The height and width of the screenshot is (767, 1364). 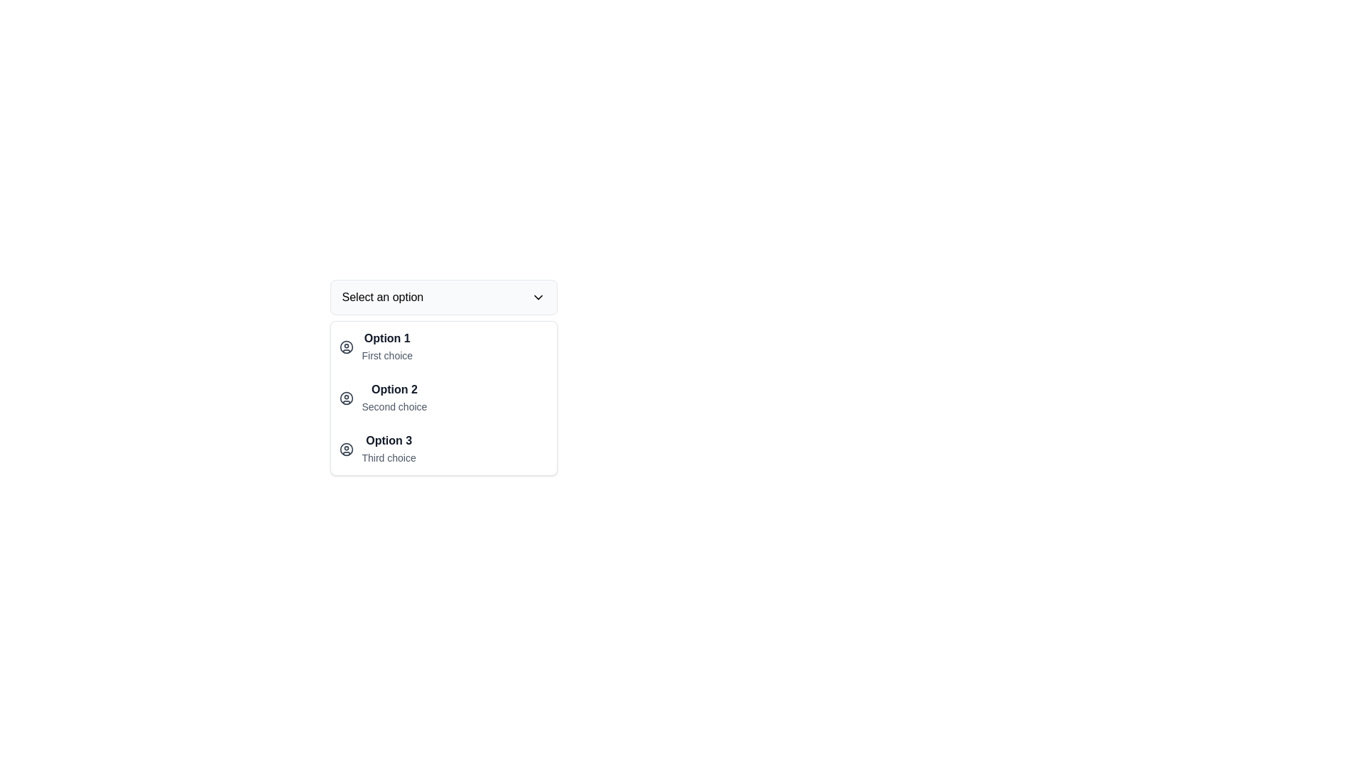 I want to click on the central circular SVG element that represents a user or profile picture placeholder, located next to the text 'Option 3 Third choice' in the dropdown list, so click(x=346, y=449).